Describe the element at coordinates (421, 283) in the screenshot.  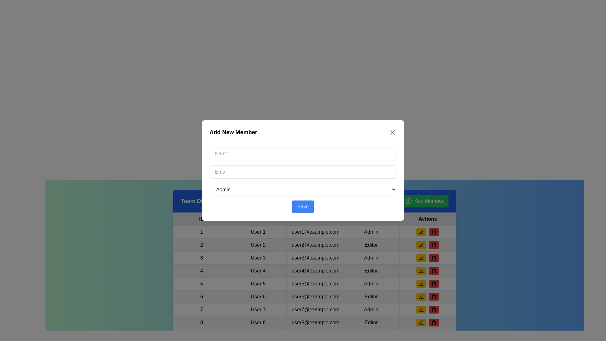
I see `the edit button located in the 'Actions' column of the table, adjacent to the row for 'user5@example.com', which corresponds to 'Admin' under the 'Role' column` at that location.